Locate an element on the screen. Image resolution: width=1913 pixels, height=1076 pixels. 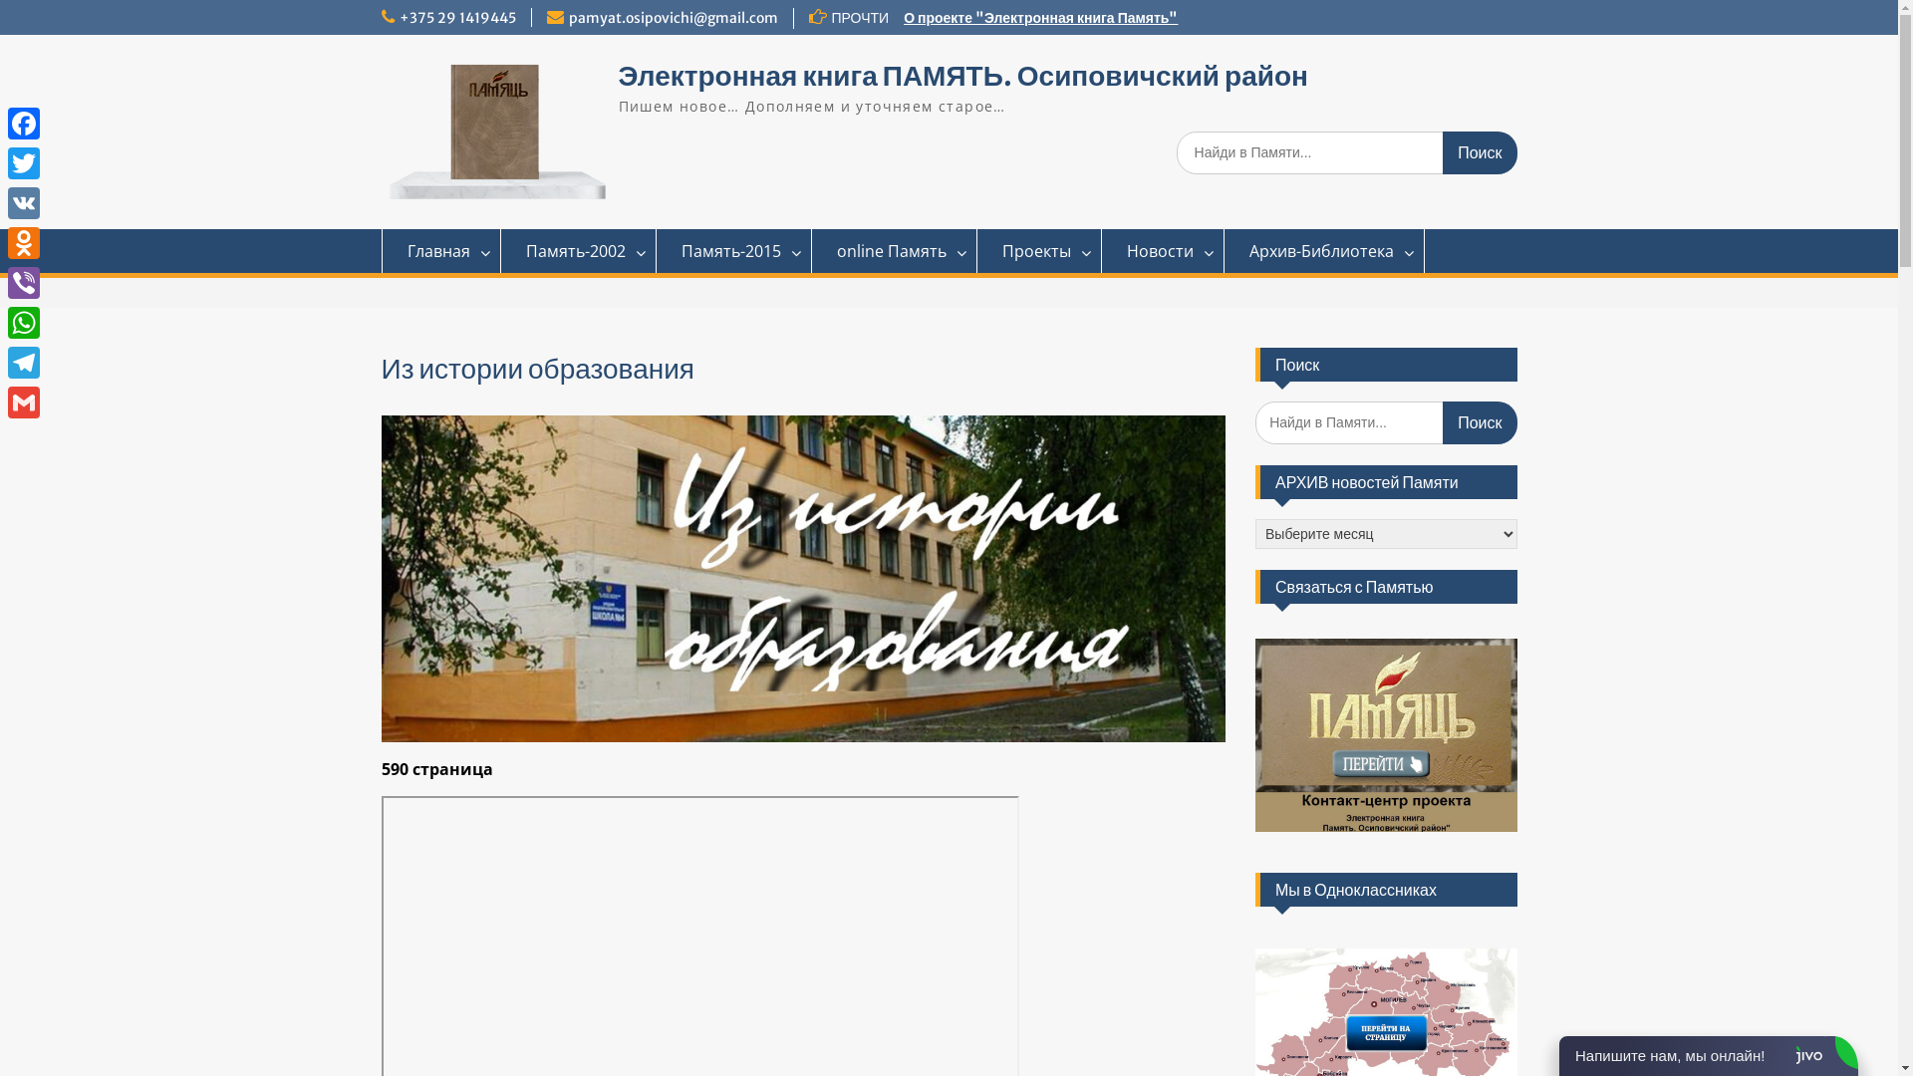
'Facebook' is located at coordinates (24, 123).